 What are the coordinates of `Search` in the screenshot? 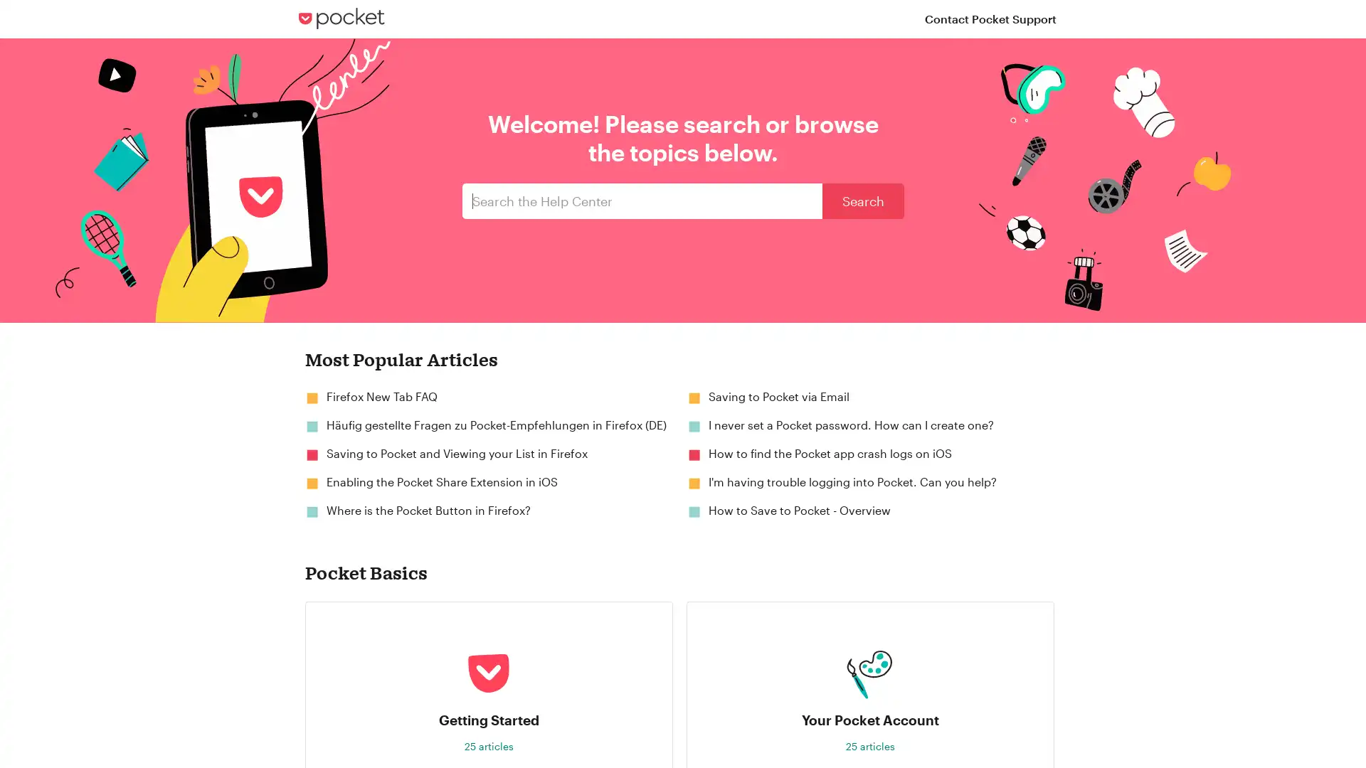 It's located at (862, 201).